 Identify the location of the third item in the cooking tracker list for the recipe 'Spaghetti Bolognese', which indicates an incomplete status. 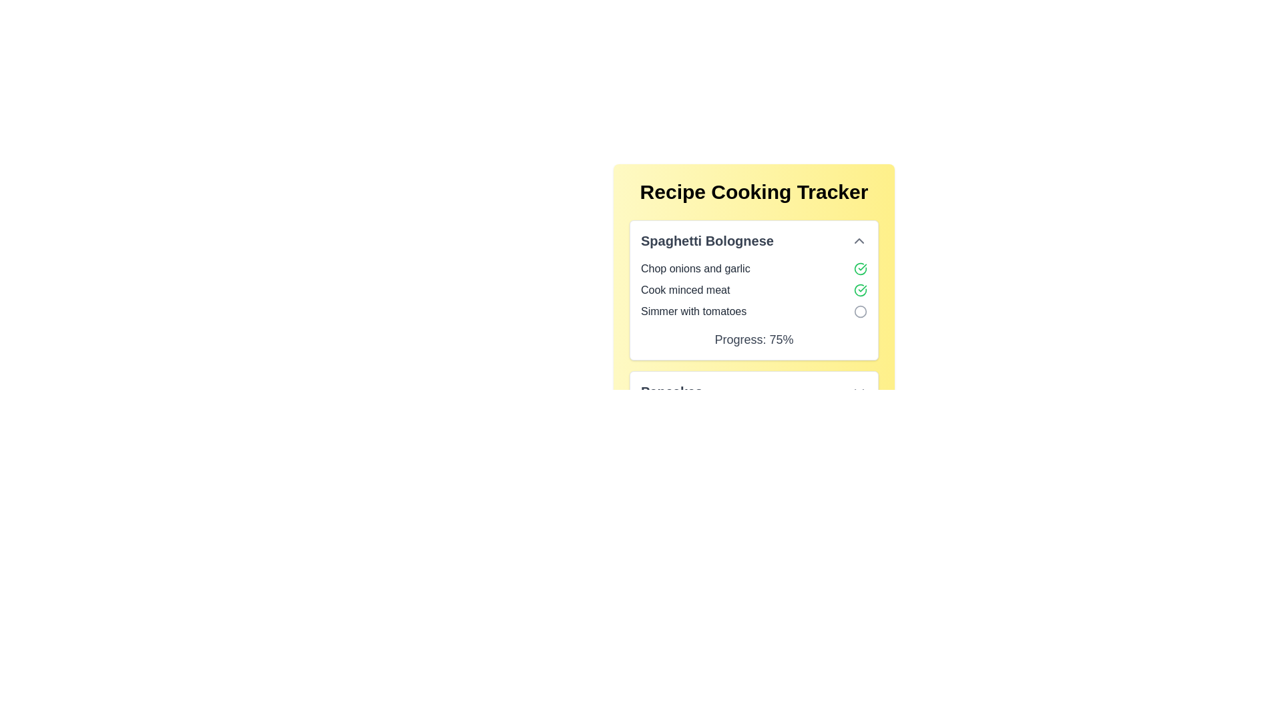
(754, 311).